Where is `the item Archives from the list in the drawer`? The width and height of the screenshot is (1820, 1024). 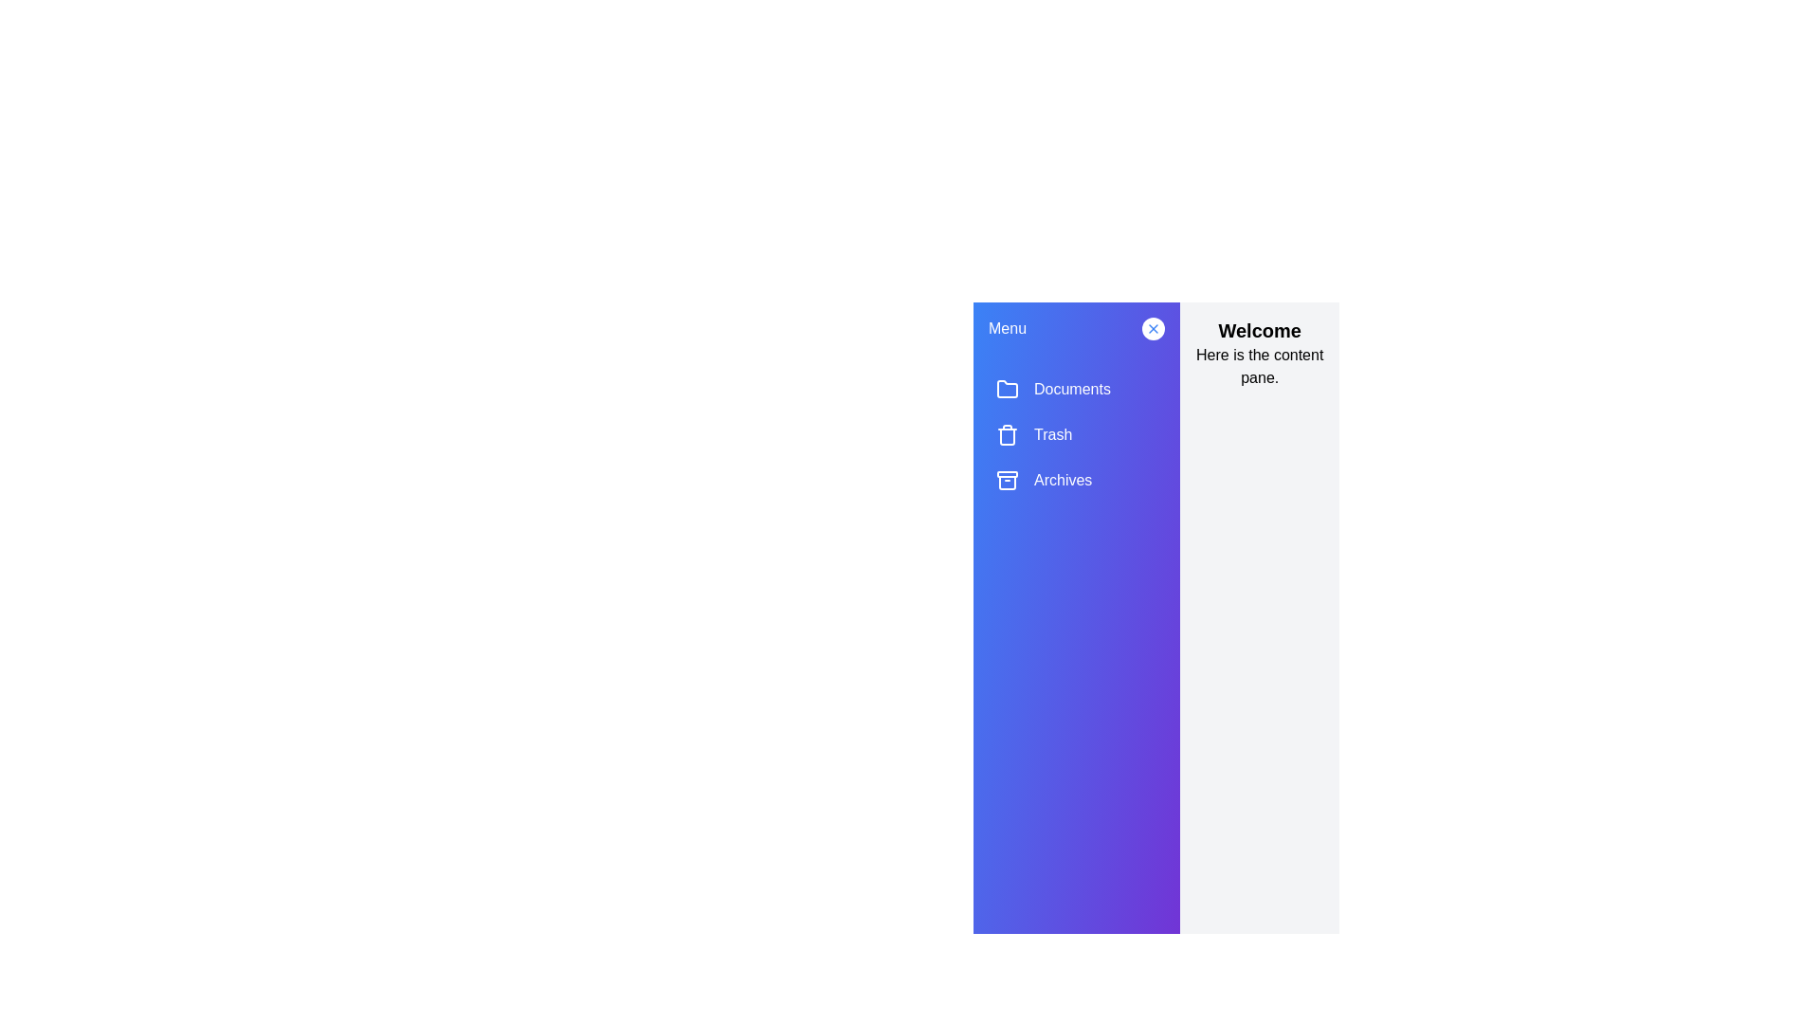
the item Archives from the list in the drawer is located at coordinates (1077, 479).